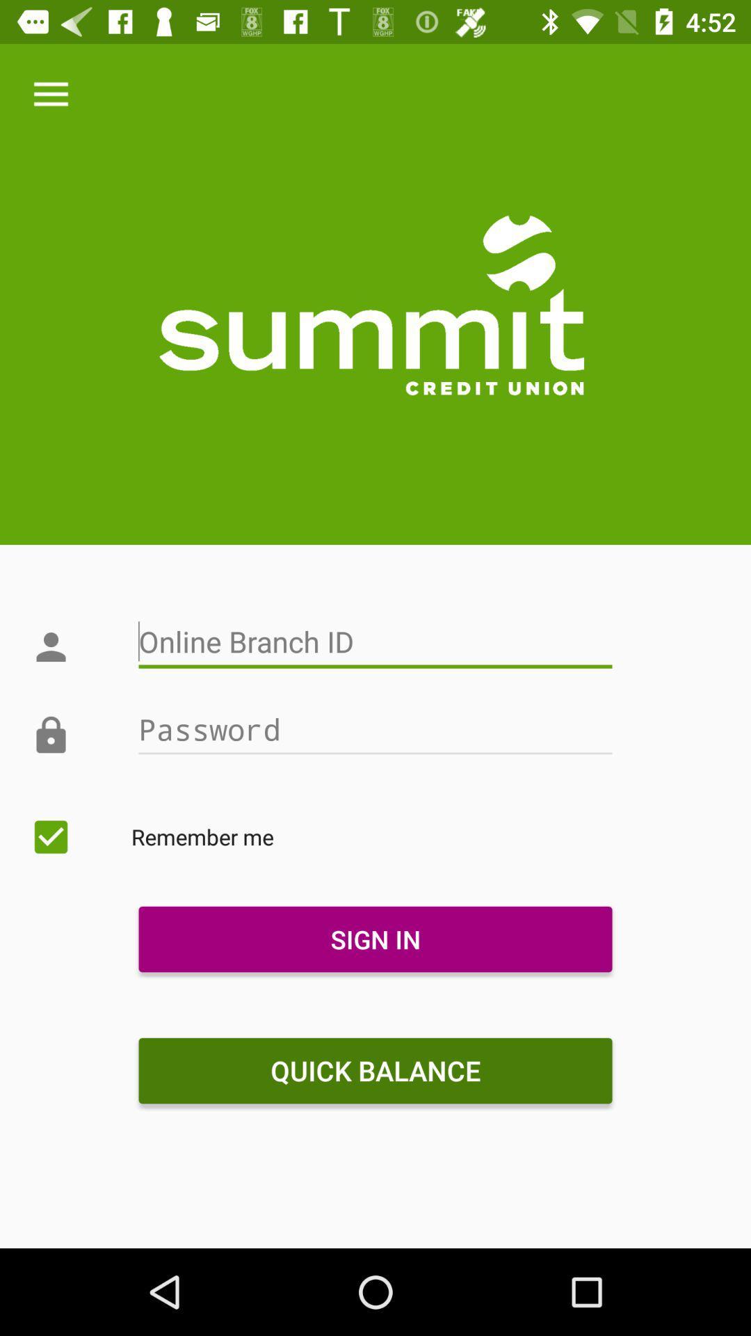 Image resolution: width=751 pixels, height=1336 pixels. What do you see at coordinates (50, 94) in the screenshot?
I see `icon at the top left corner` at bounding box center [50, 94].